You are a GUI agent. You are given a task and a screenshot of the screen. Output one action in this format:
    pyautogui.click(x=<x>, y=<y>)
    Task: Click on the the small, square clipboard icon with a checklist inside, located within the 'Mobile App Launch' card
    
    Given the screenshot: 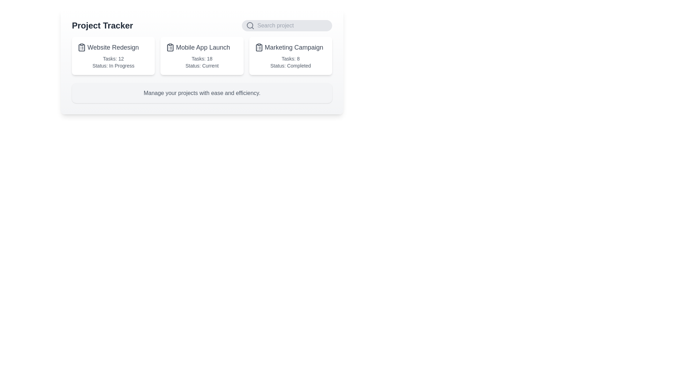 What is the action you would take?
    pyautogui.click(x=170, y=47)
    